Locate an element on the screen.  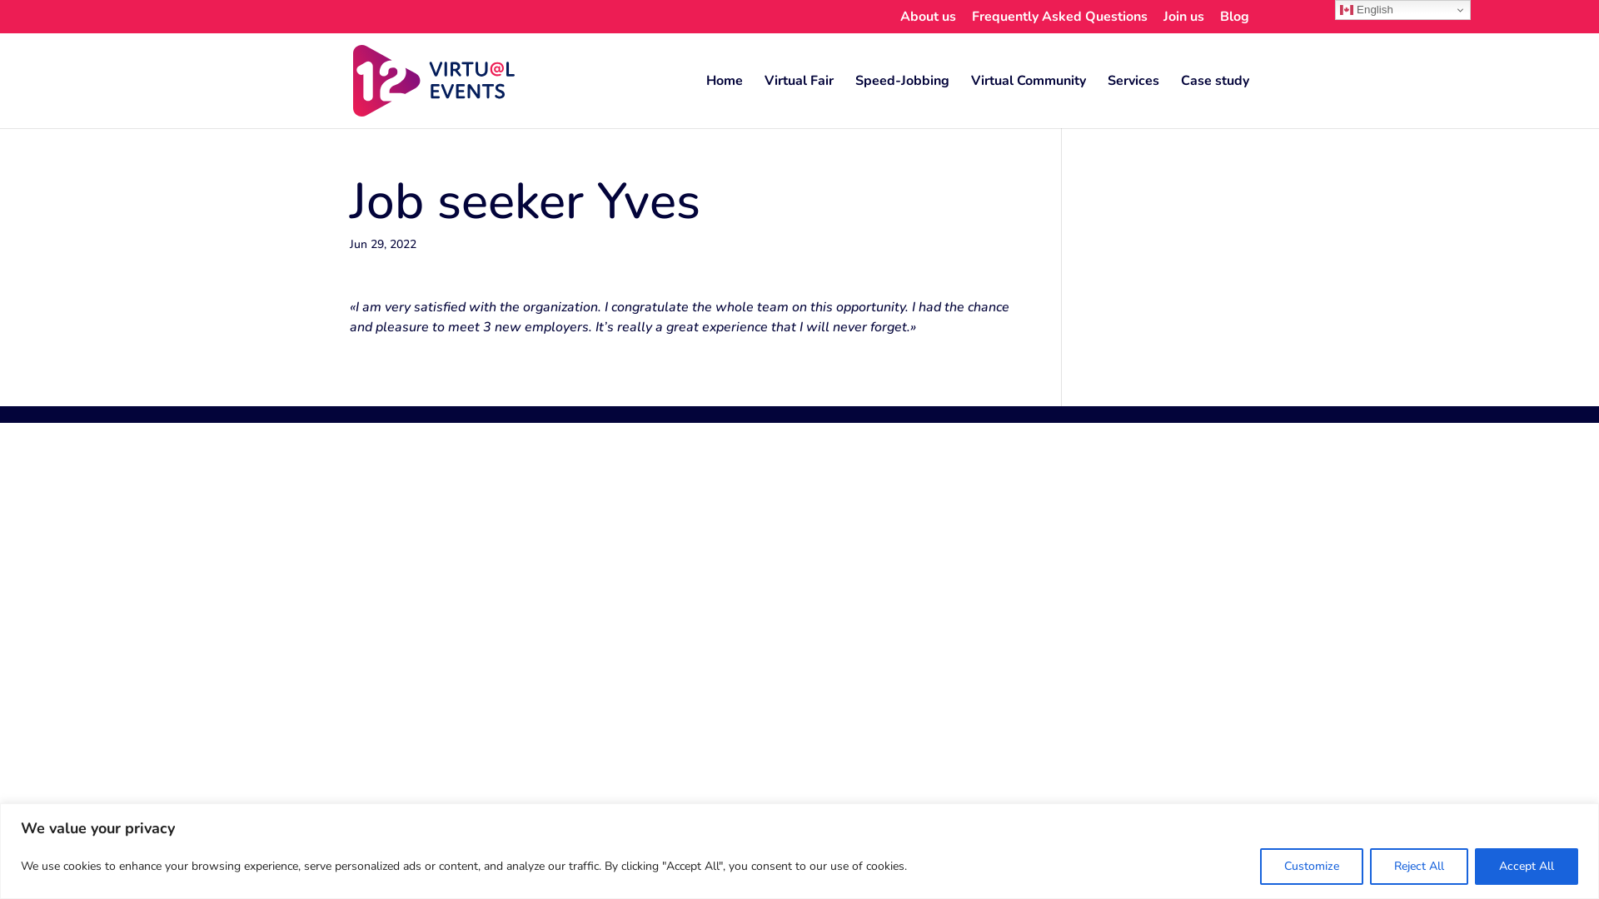
'Blog' is located at coordinates (1234, 22).